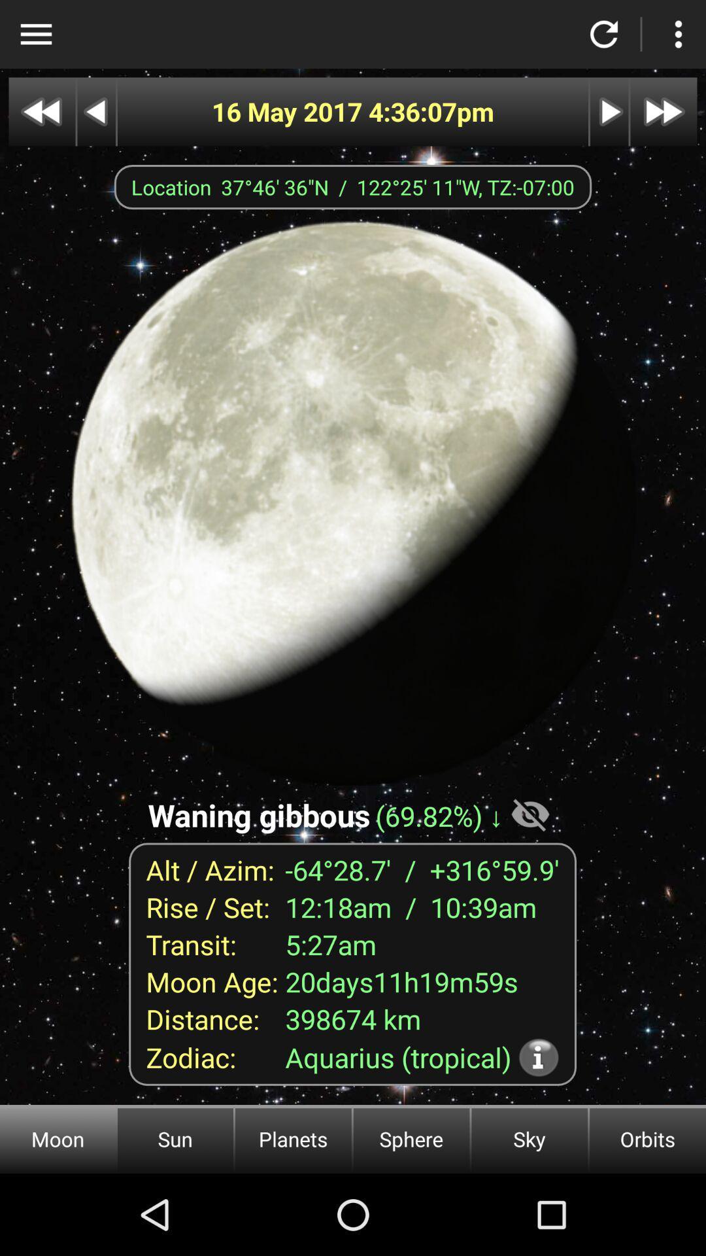  What do you see at coordinates (289, 112) in the screenshot?
I see `icon next to 4:36:07 item` at bounding box center [289, 112].